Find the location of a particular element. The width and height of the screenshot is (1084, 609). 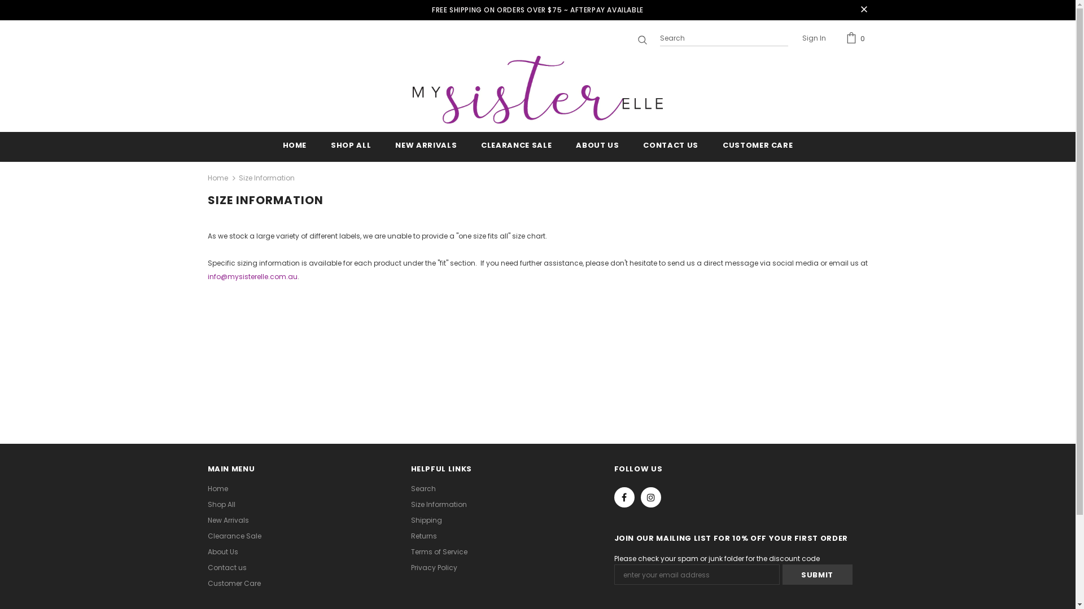

'Terms of Service' is located at coordinates (410, 551).